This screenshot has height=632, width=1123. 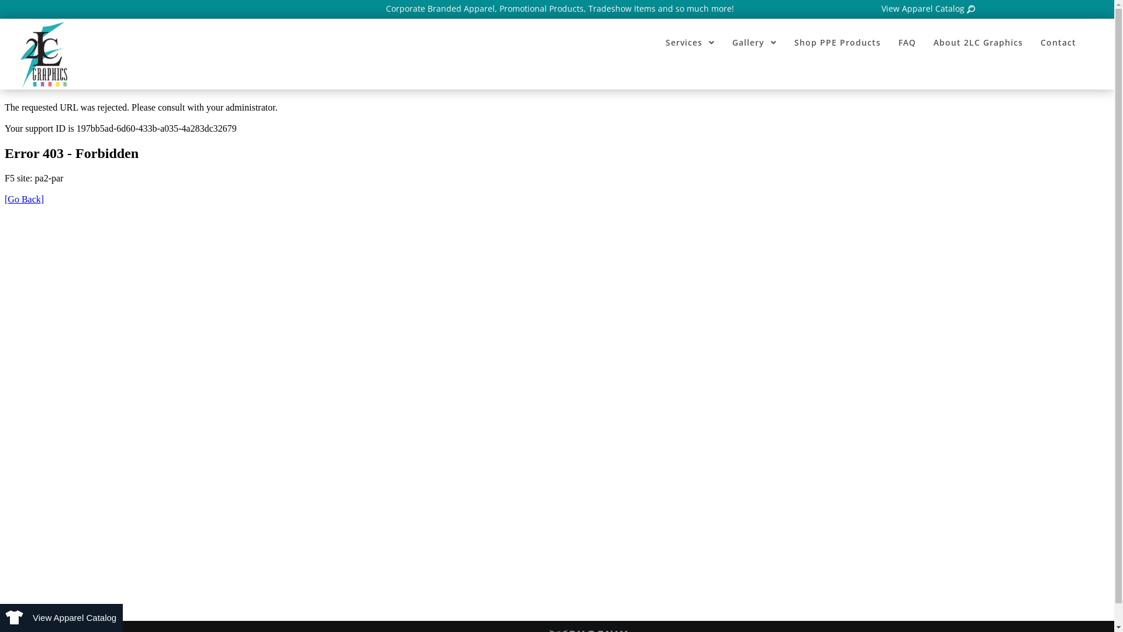 What do you see at coordinates (924, 42) in the screenshot?
I see `'About 2LC Graphics'` at bounding box center [924, 42].